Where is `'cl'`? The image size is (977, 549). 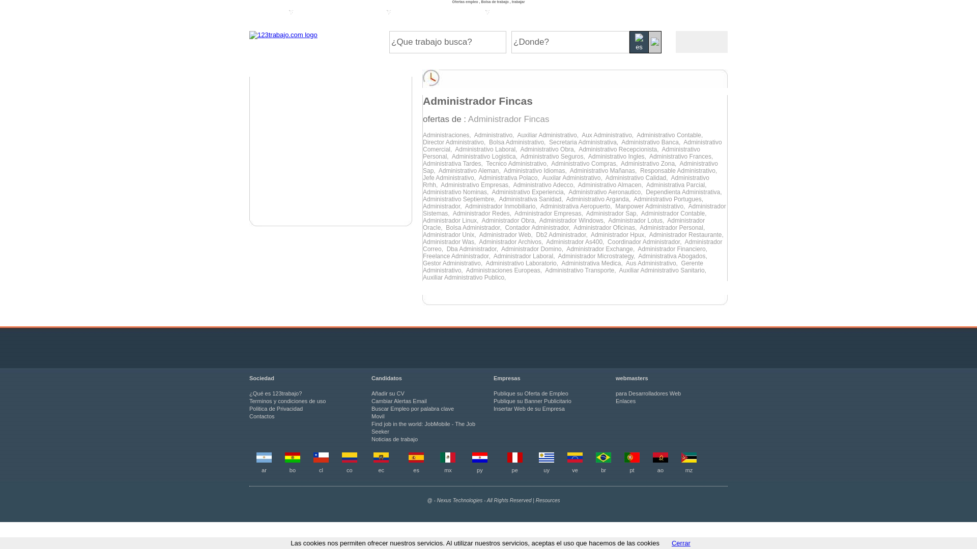 'cl' is located at coordinates (319, 470).